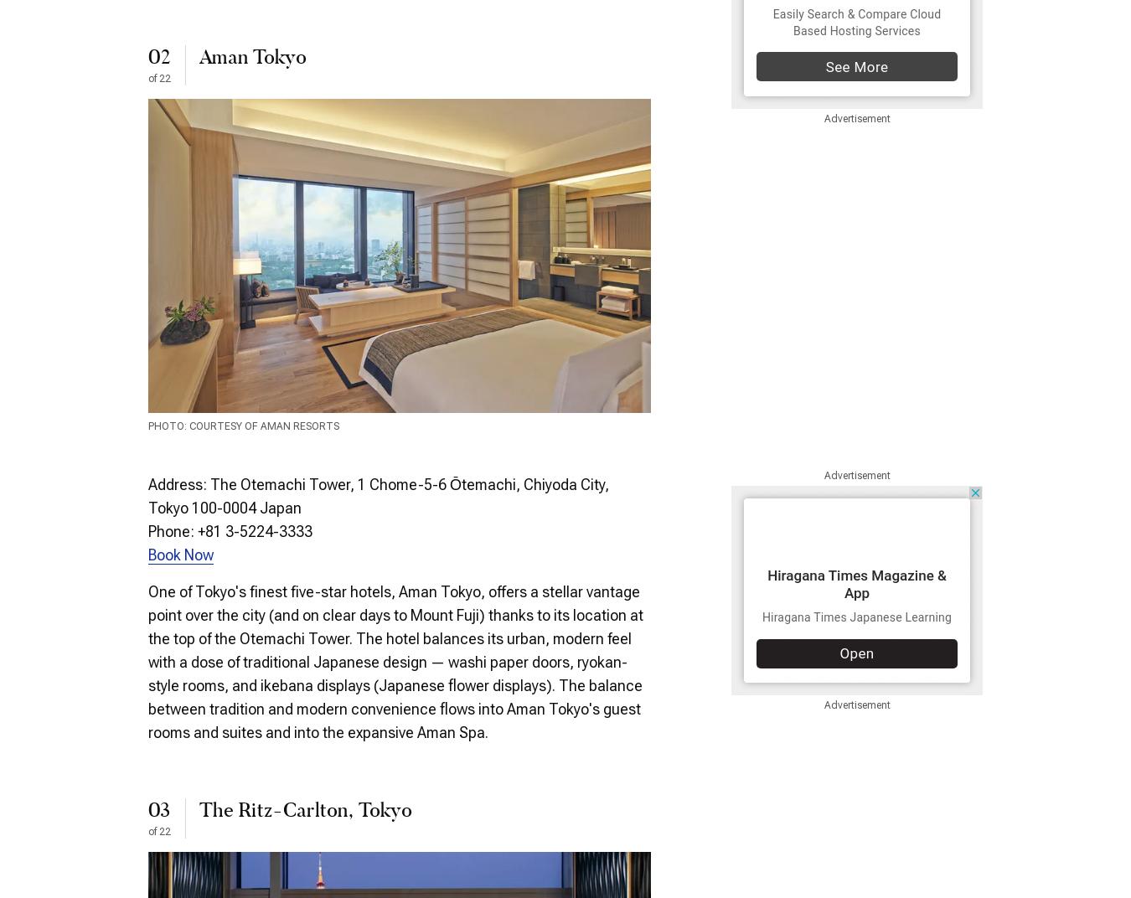 This screenshot has height=898, width=1131. What do you see at coordinates (263, 426) in the screenshot?
I see `'Courtesy of Aman Resorts'` at bounding box center [263, 426].